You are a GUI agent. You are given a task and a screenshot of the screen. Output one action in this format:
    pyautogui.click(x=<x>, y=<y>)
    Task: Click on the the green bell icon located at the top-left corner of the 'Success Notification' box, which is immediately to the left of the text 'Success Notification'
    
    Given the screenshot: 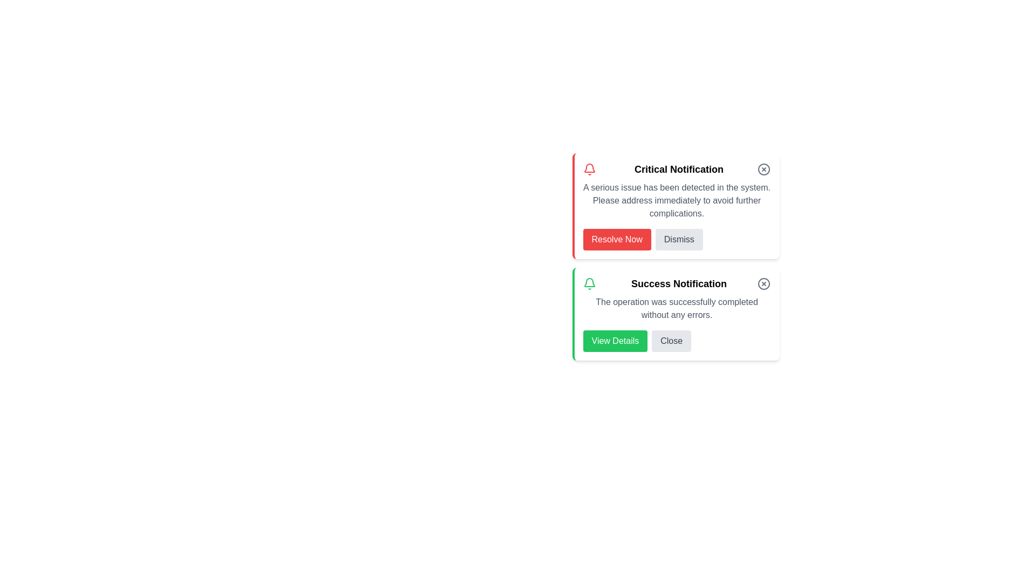 What is the action you would take?
    pyautogui.click(x=589, y=283)
    